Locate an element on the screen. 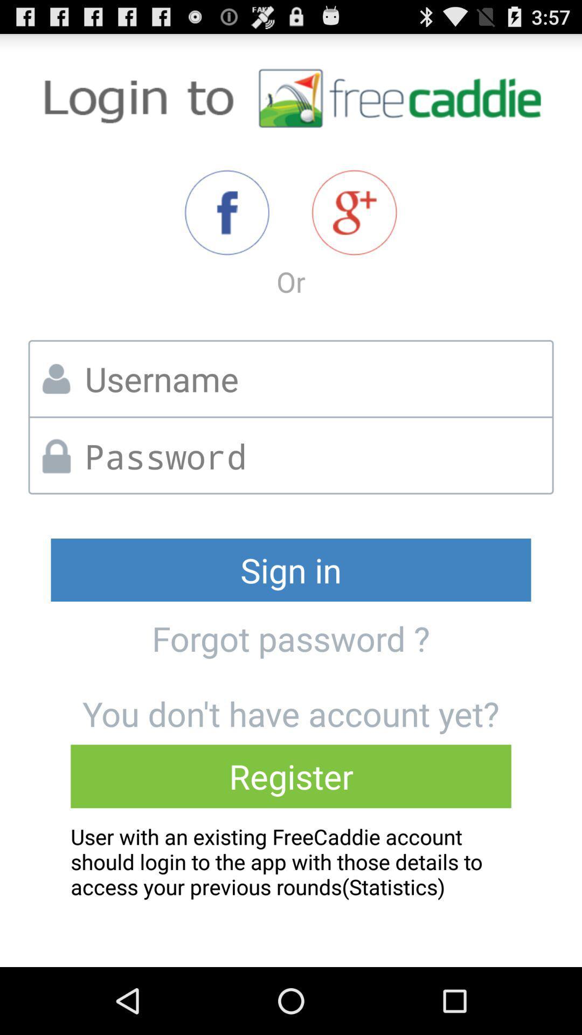  forgot password ? icon is located at coordinates (291, 638).